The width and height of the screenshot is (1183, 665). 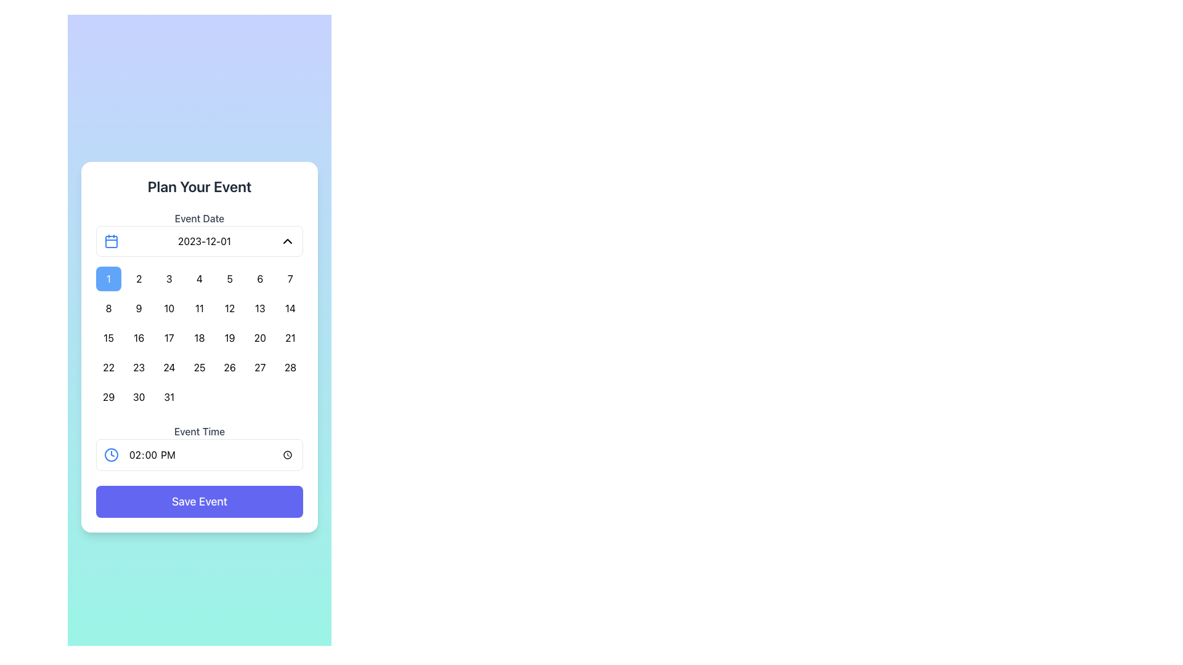 What do you see at coordinates (230, 278) in the screenshot?
I see `the button displaying the number '5'` at bounding box center [230, 278].